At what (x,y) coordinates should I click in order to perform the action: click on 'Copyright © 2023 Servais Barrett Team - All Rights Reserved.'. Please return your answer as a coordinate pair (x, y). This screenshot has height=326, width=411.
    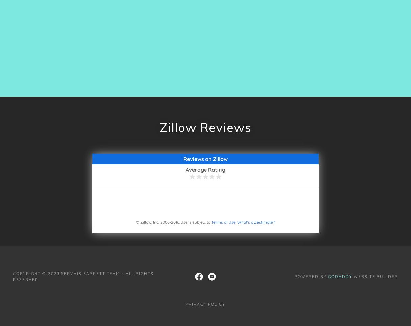
    Looking at the image, I should click on (83, 276).